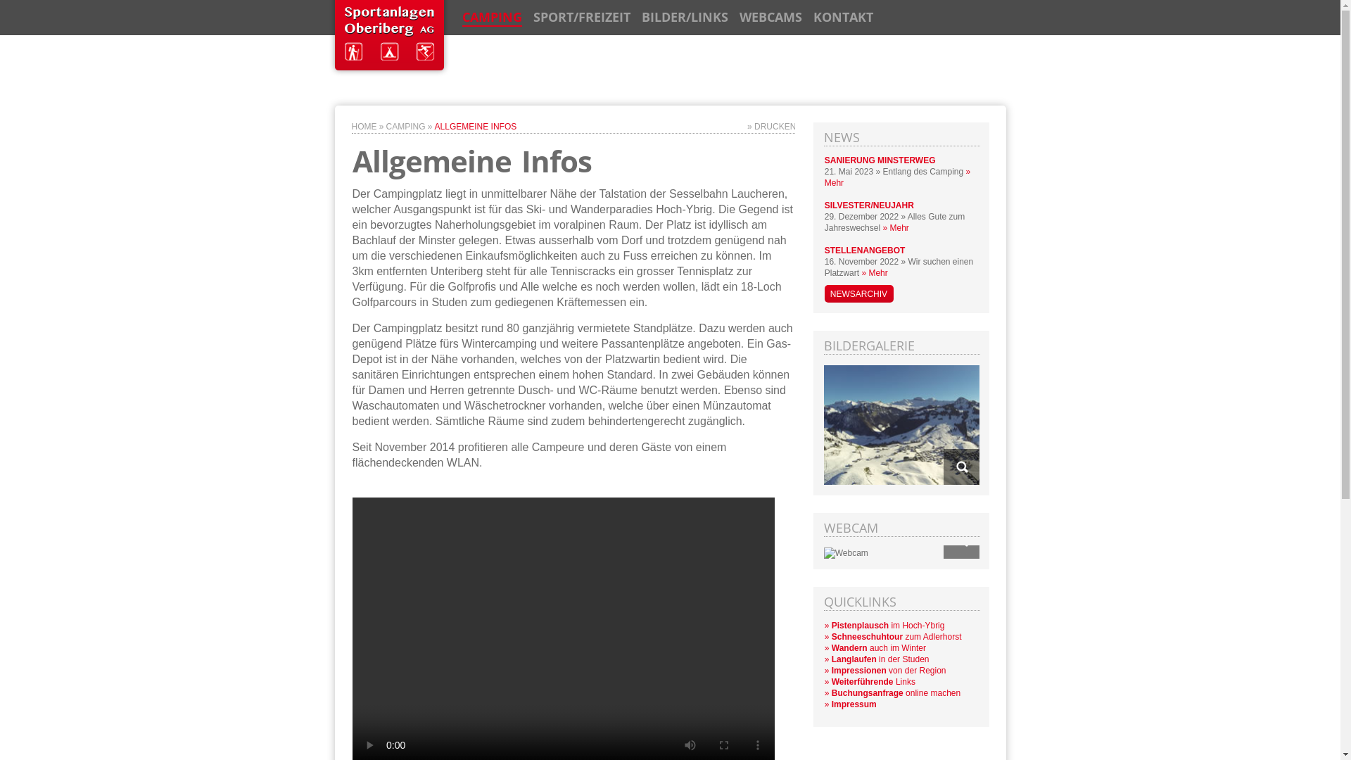 The height and width of the screenshot is (760, 1351). I want to click on 'SPORT/FREIZEIT', so click(581, 17).